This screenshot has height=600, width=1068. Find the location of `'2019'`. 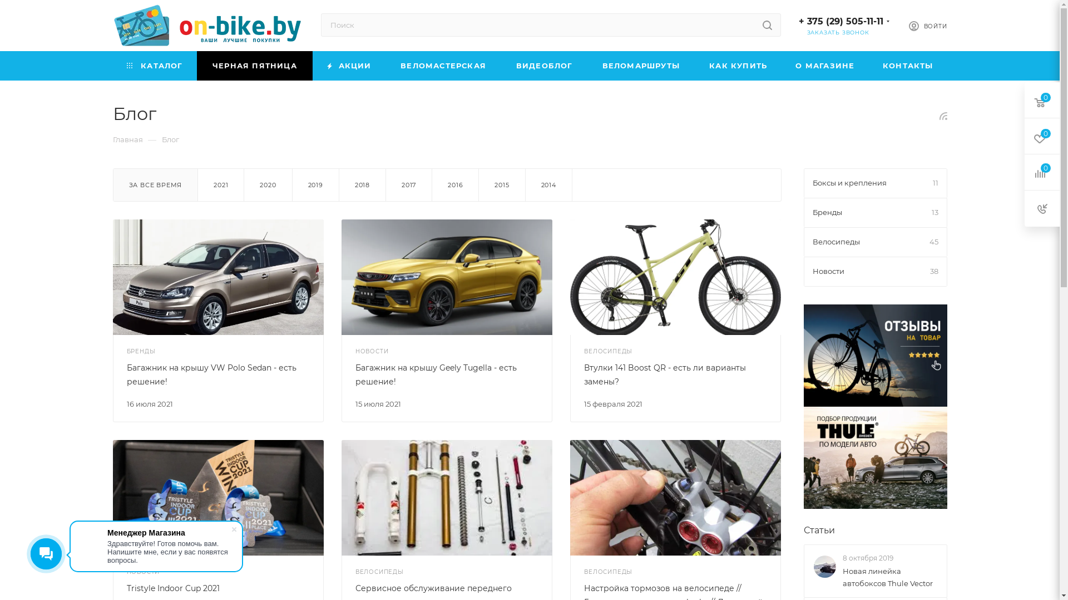

'2019' is located at coordinates (315, 184).